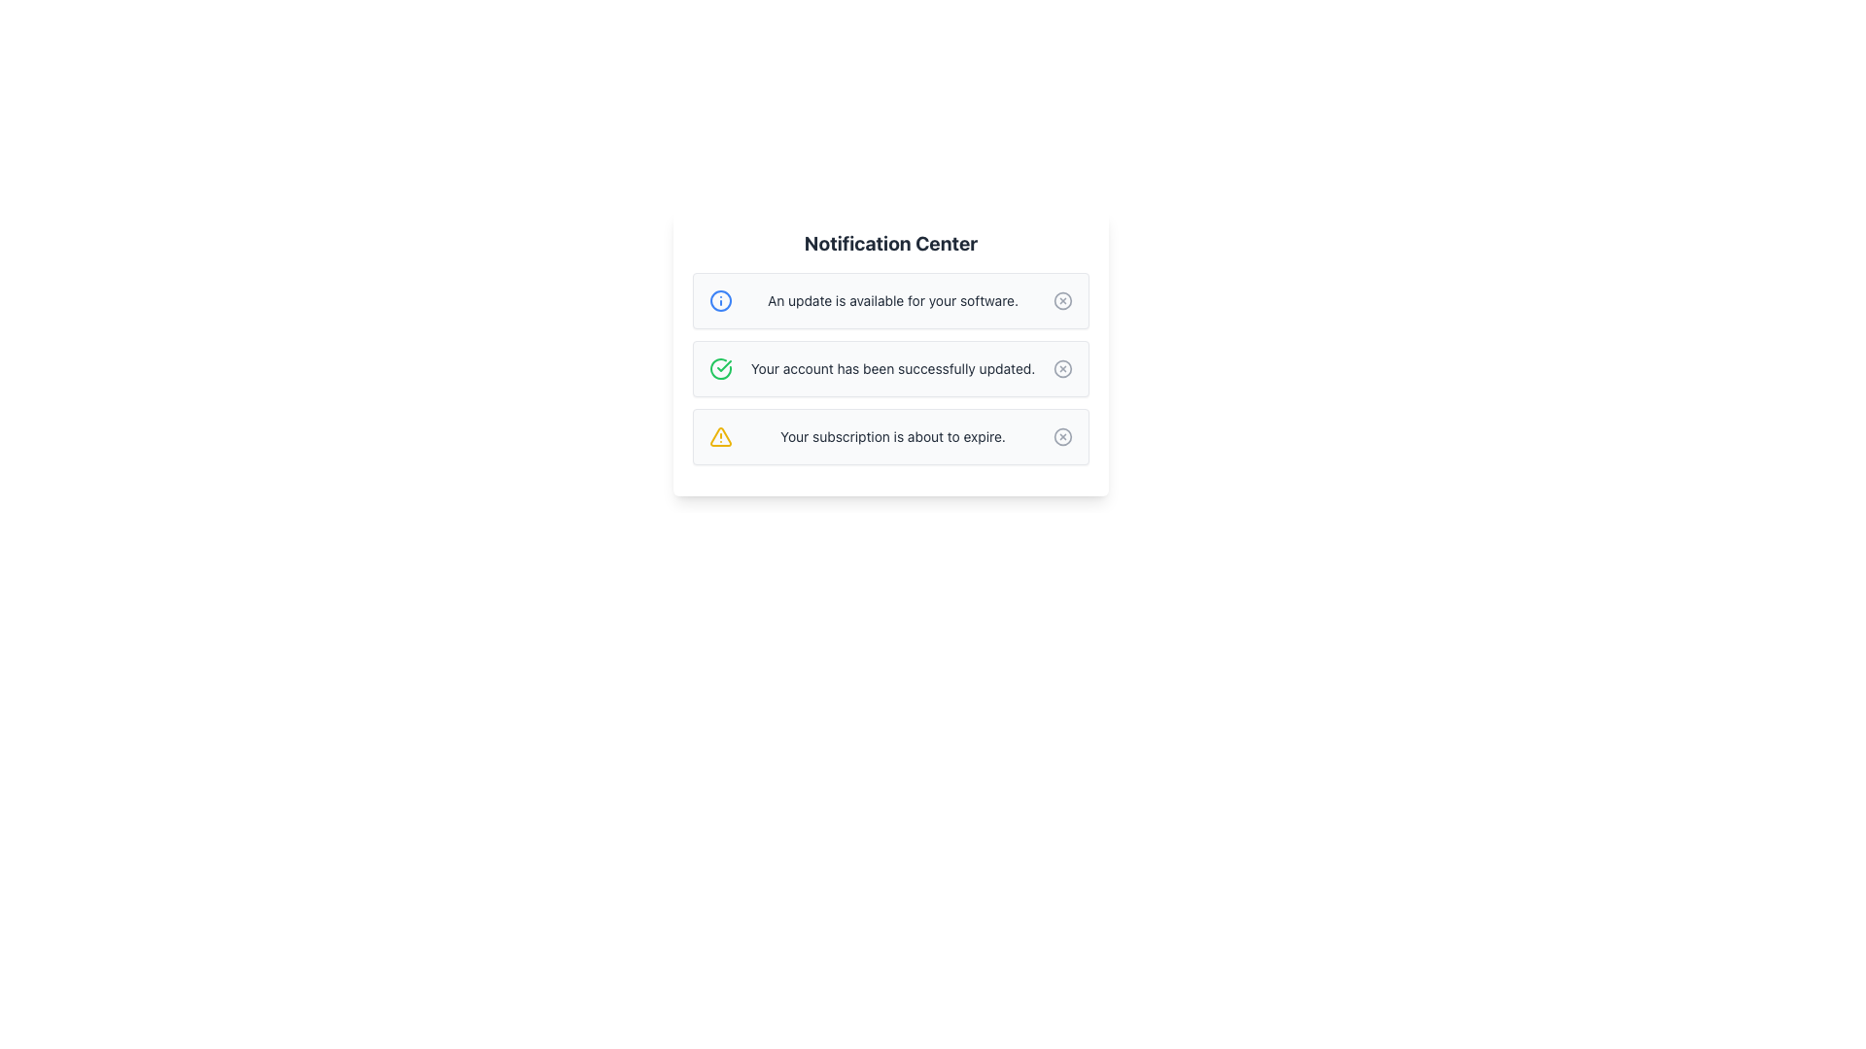  I want to click on information from the text label that notifies the user about the impending expiration of their subscription, located in the third notification row of the notification center, so click(891, 437).